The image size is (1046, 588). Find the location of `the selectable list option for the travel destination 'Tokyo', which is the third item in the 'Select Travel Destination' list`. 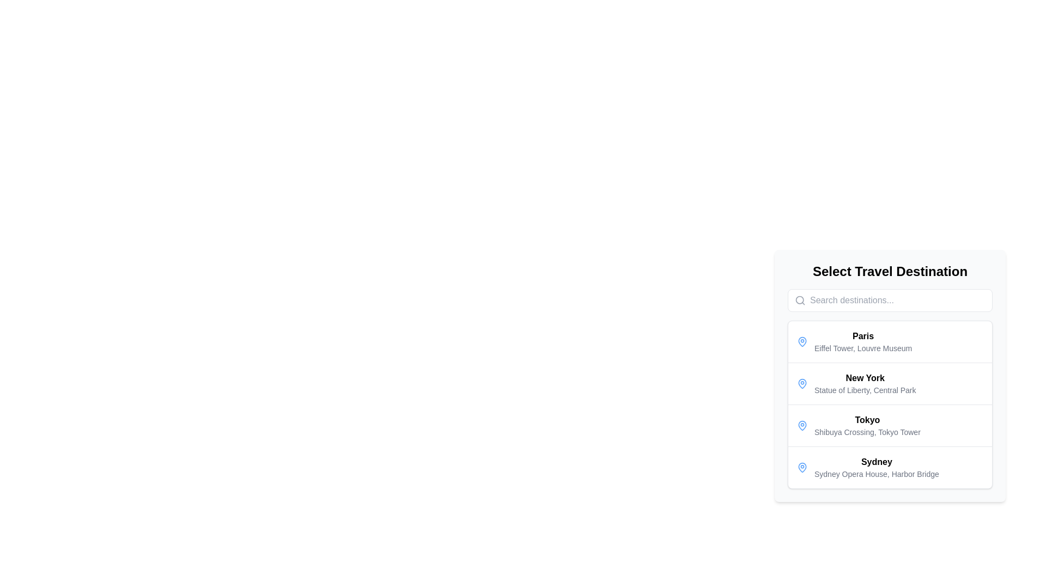

the selectable list option for the travel destination 'Tokyo', which is the third item in the 'Select Travel Destination' list is located at coordinates (890, 425).